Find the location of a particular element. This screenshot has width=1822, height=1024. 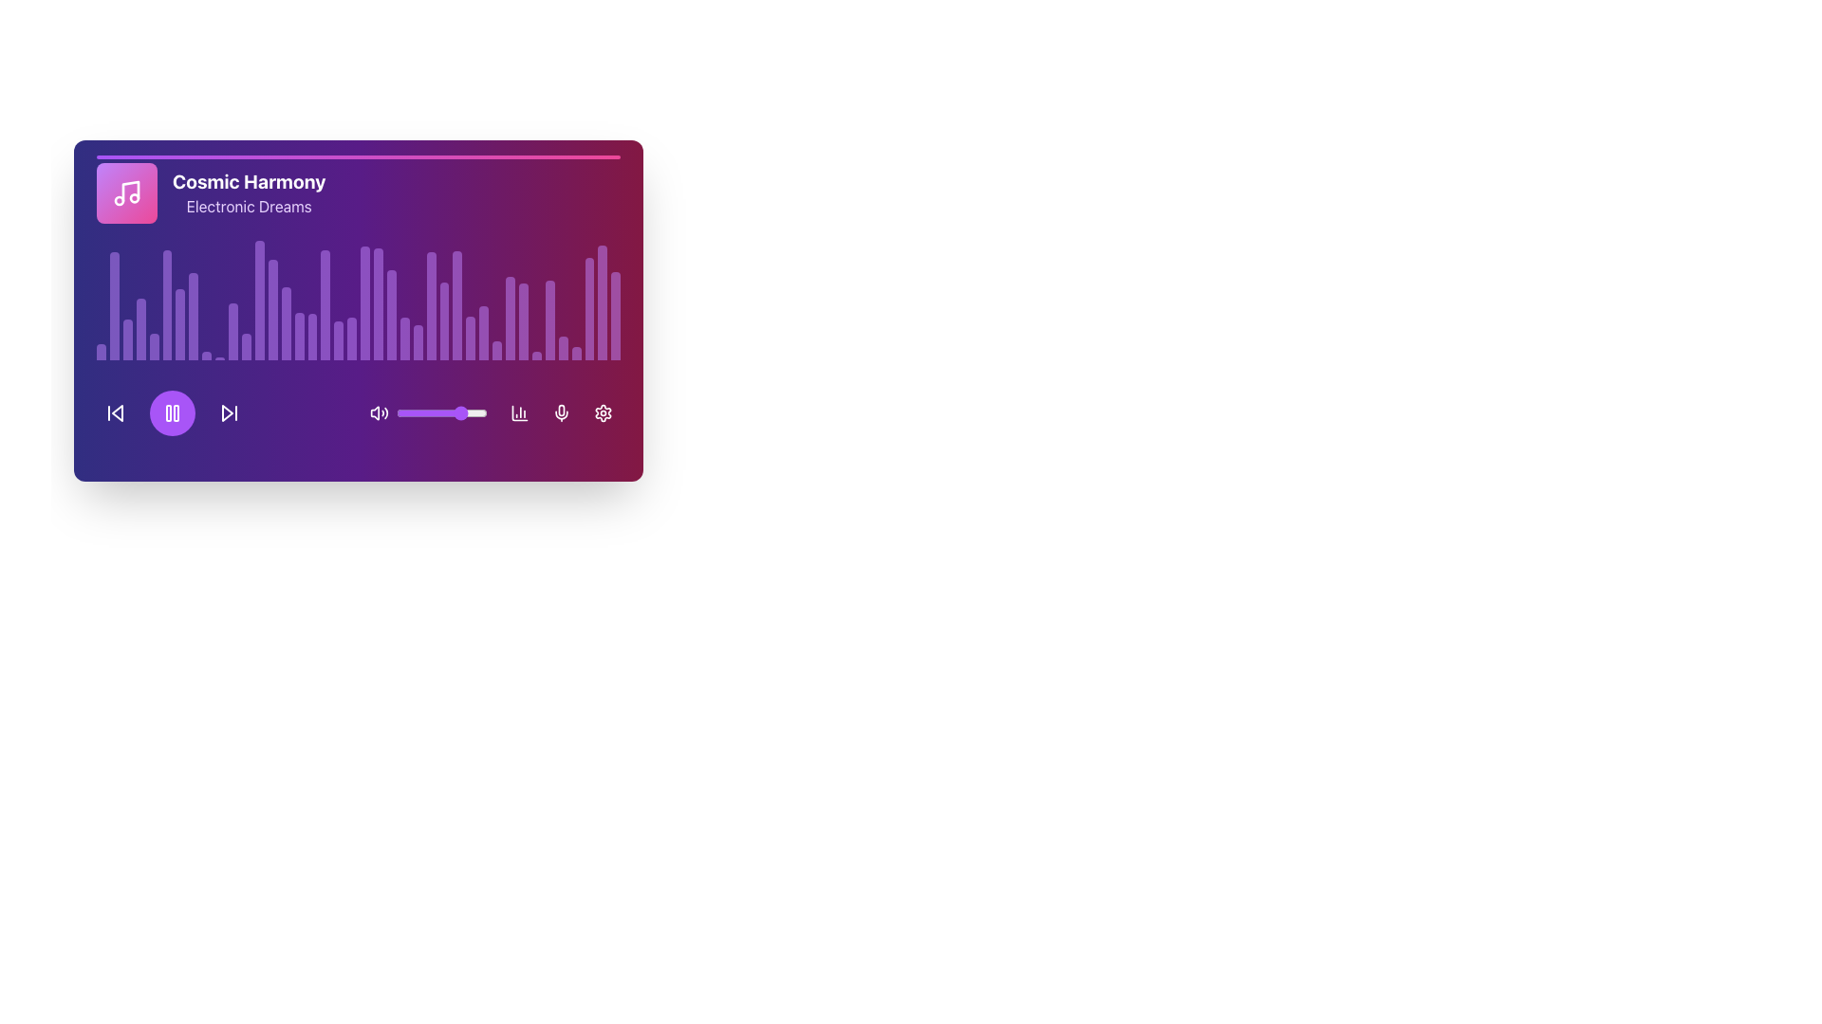

the 7th vertical bar in the equalizer section of the music player, which has a purple background and rounded edges at the top is located at coordinates (180, 323).